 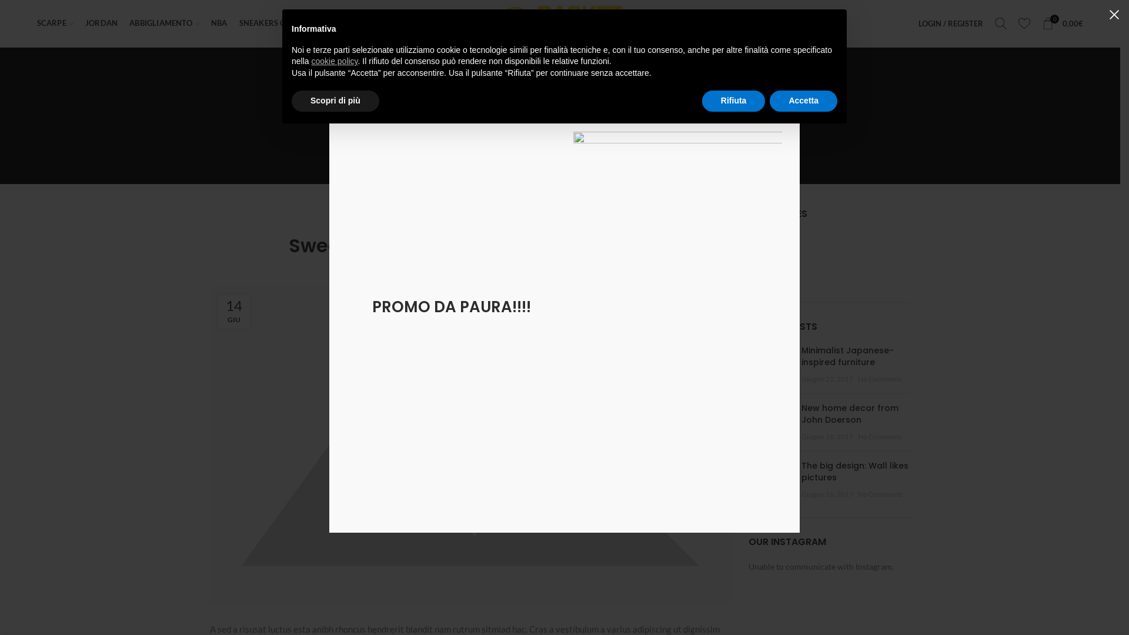 What do you see at coordinates (855, 471) in the screenshot?
I see `'The big design: Wall likes pictures'` at bounding box center [855, 471].